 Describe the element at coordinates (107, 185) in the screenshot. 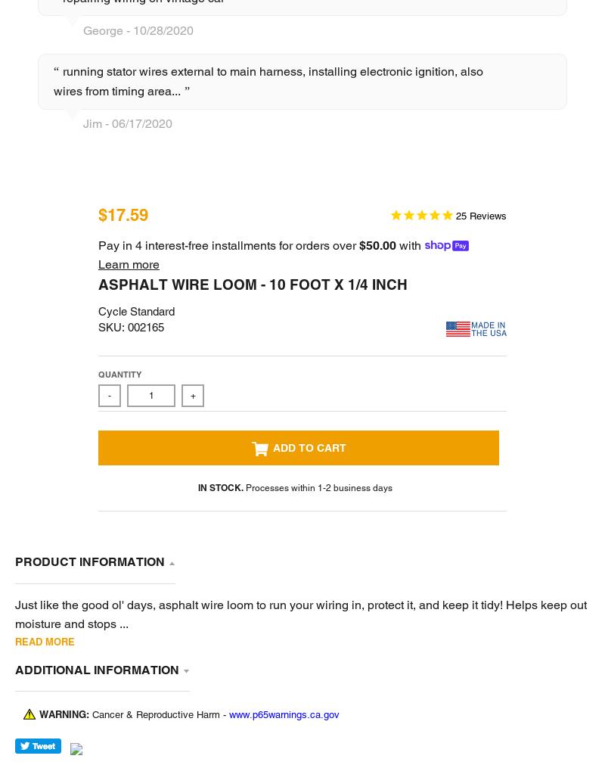

I see `'United States'` at that location.